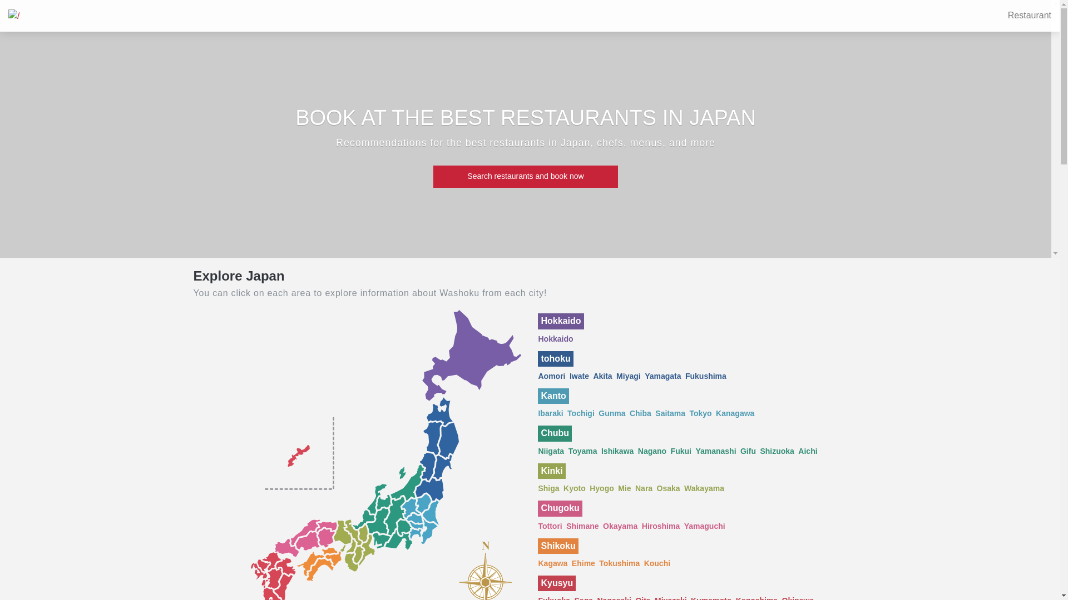  What do you see at coordinates (551, 451) in the screenshot?
I see `'Niigata'` at bounding box center [551, 451].